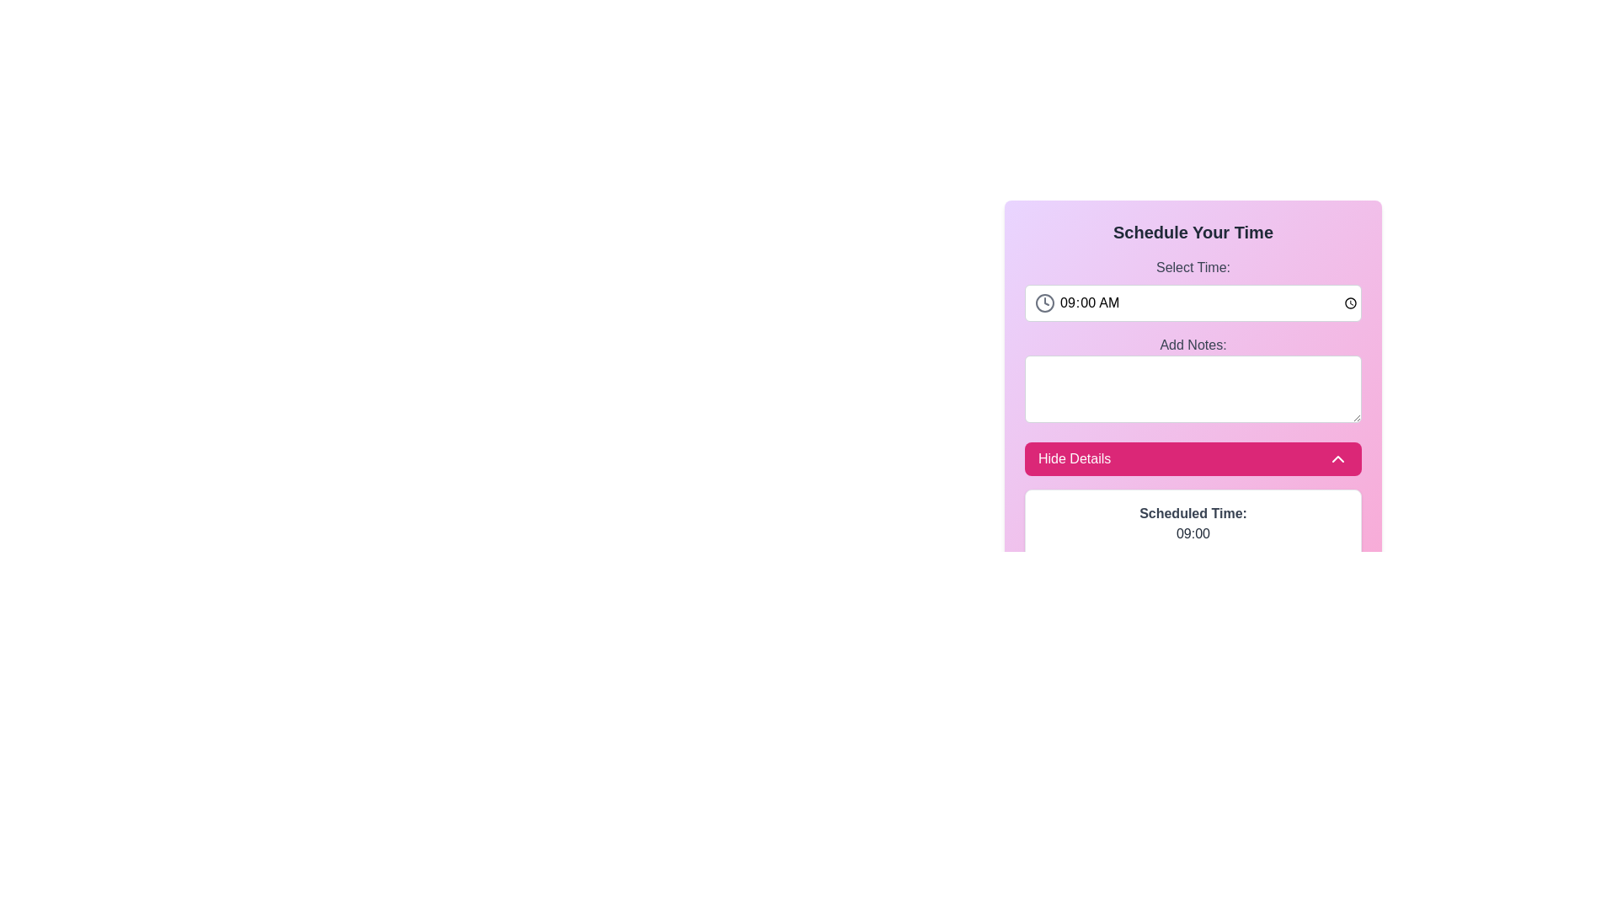 This screenshot has width=1617, height=910. I want to click on the Text label that indicates where users can add notes, located above the multi-line text input field, so click(1192, 344).